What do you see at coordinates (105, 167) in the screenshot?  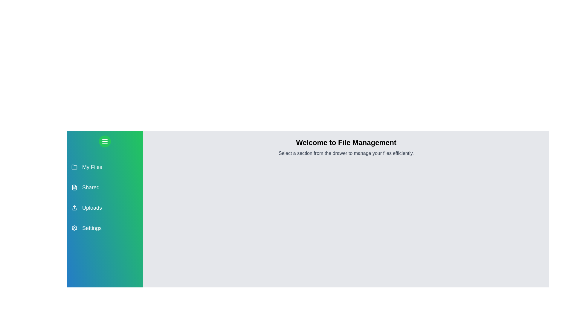 I see `the section My Files in the drawer to observe its hover effect` at bounding box center [105, 167].